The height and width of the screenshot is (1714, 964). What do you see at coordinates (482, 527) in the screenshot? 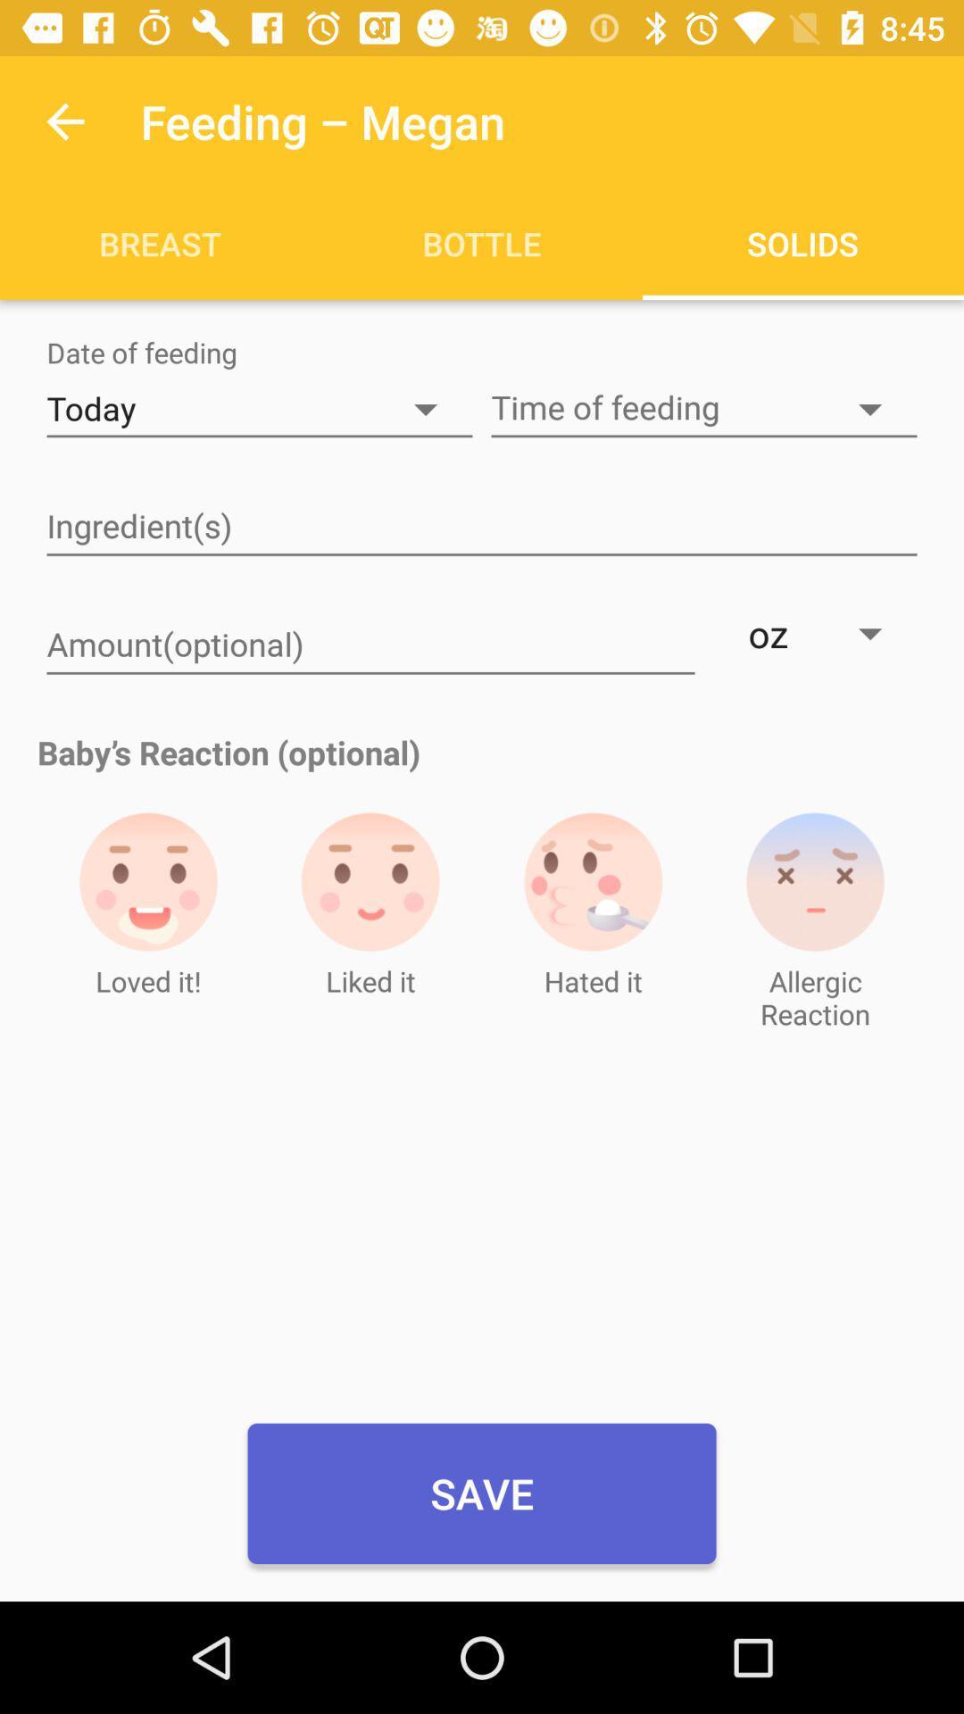
I see `ingredients` at bounding box center [482, 527].